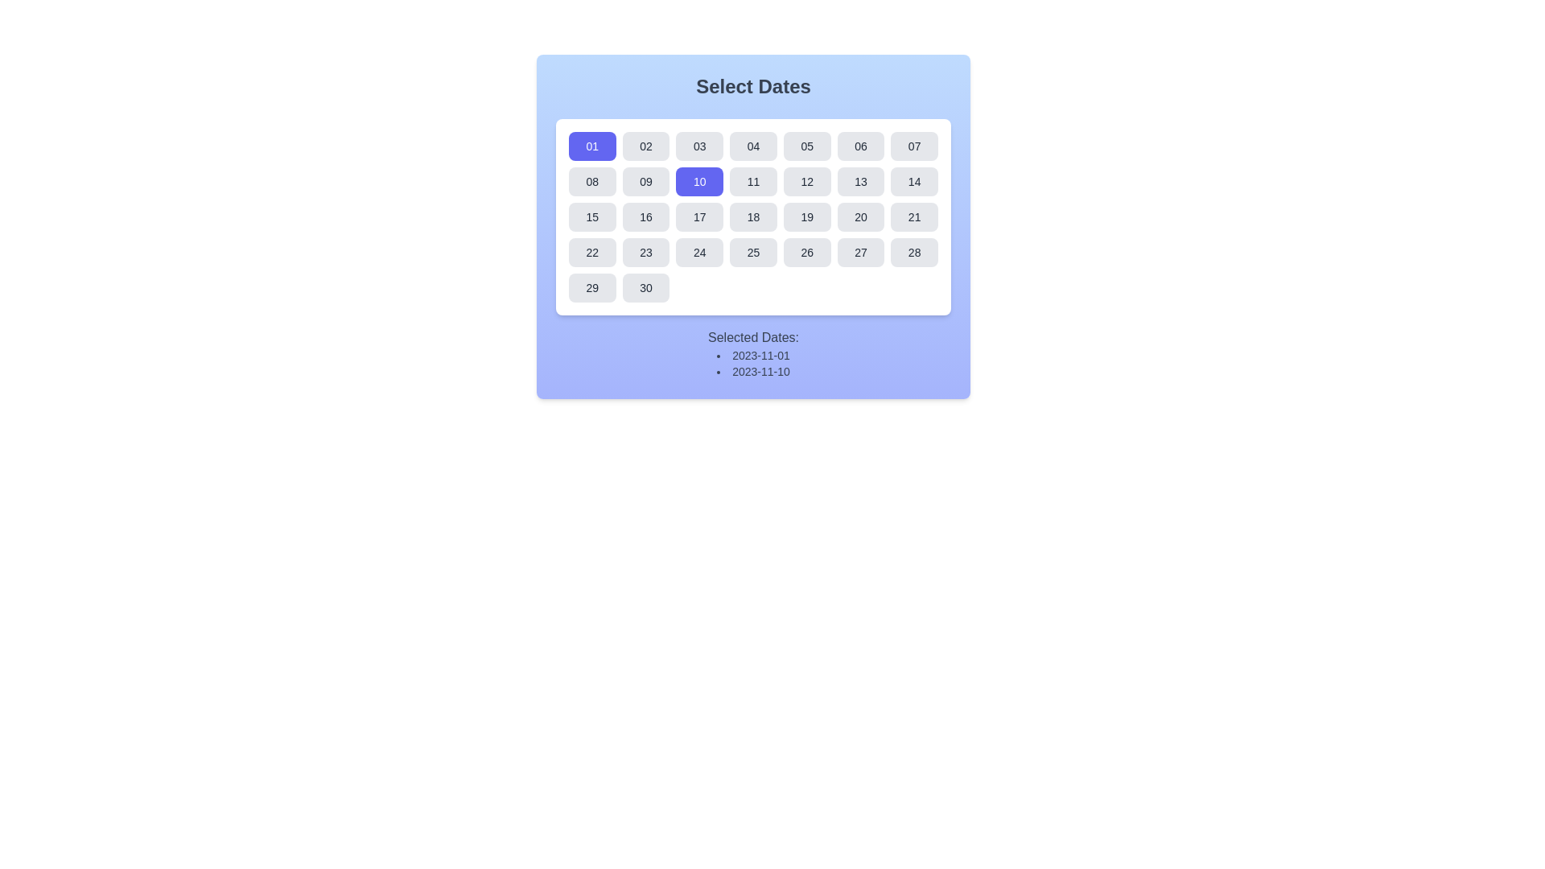  I want to click on the button representing the date '17' in the calendar component, so click(699, 217).